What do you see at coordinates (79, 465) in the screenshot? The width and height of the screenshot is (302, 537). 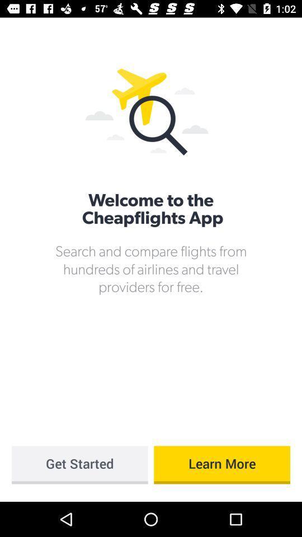 I see `icon next to learn more icon` at bounding box center [79, 465].